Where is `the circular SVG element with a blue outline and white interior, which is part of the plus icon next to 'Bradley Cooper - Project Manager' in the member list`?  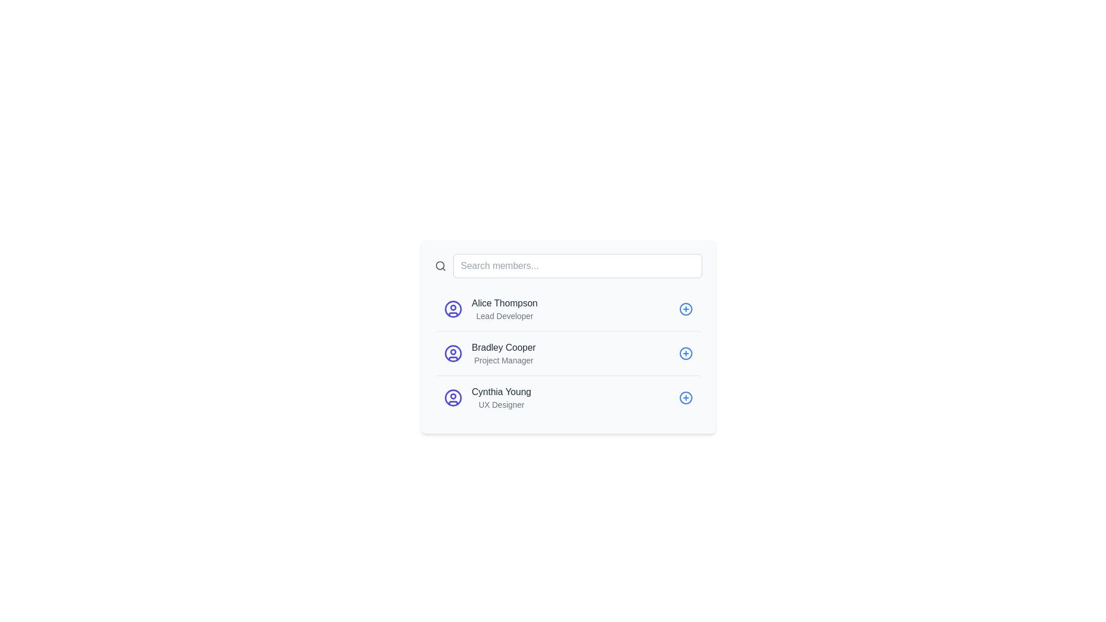
the circular SVG element with a blue outline and white interior, which is part of the plus icon next to 'Bradley Cooper - Project Manager' in the member list is located at coordinates (685, 352).